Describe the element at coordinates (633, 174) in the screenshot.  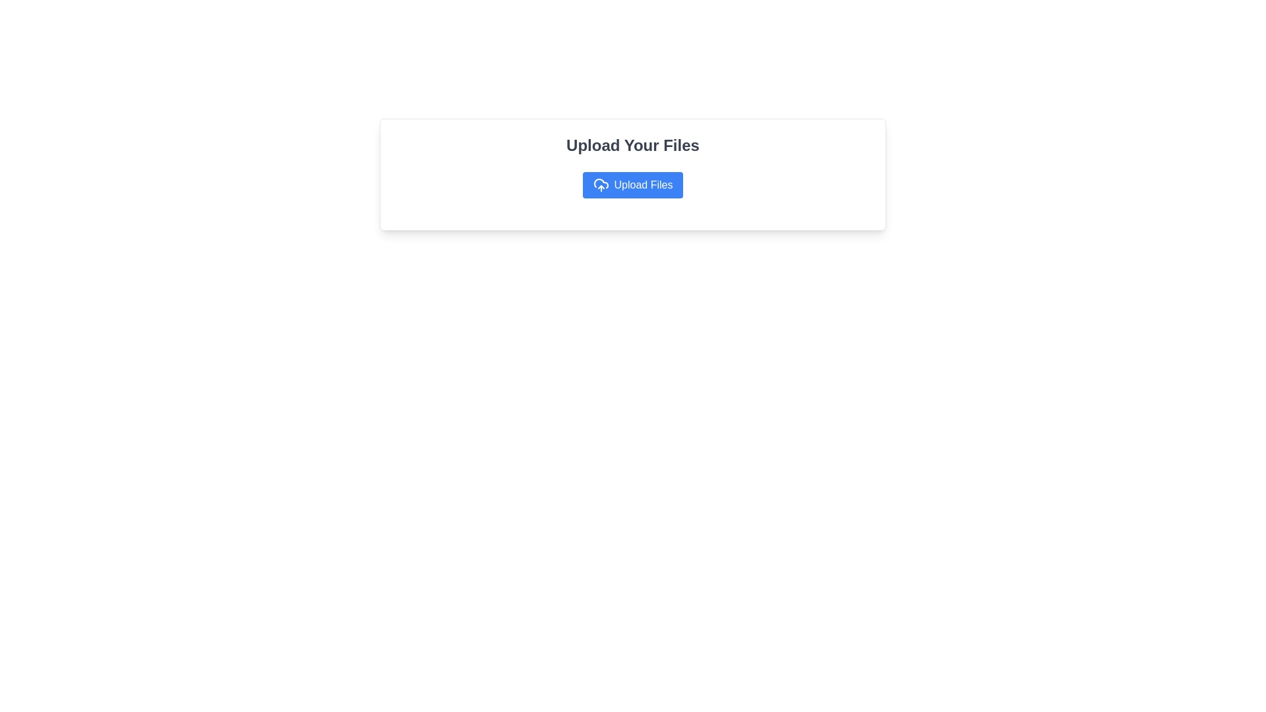
I see `the blue button labeled 'Upload Files' with a cloud icon to initiate the file upload dialog` at that location.